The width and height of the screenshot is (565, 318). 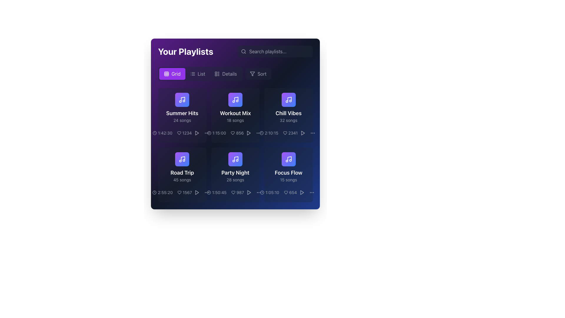 I want to click on the Text label that provides information about the number of songs in the 'Party Night' playlist, located in the lower section of the playlist card, so click(x=235, y=179).